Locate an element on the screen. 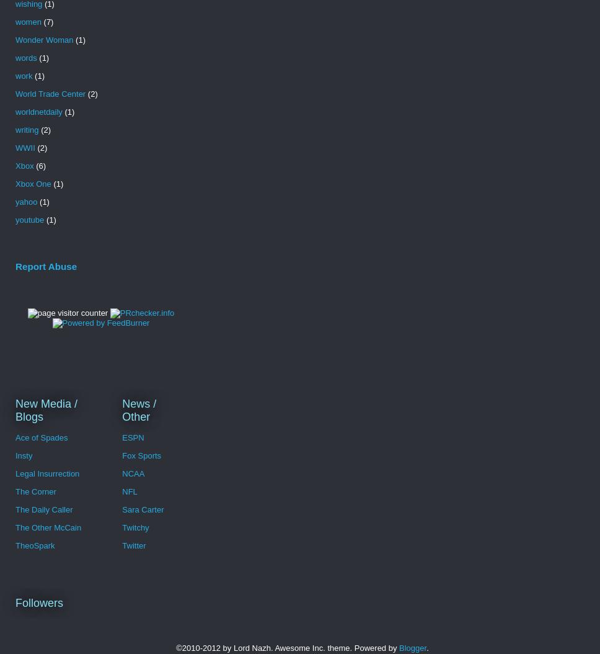  'Xbox One' is located at coordinates (32, 183).